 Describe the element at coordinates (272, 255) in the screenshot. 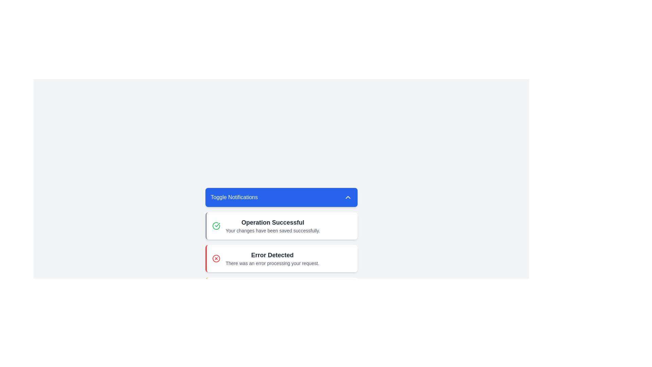

I see `the text label that serves as the main title for the error message, positioned prominently above the detailed error message within the error notification card` at that location.